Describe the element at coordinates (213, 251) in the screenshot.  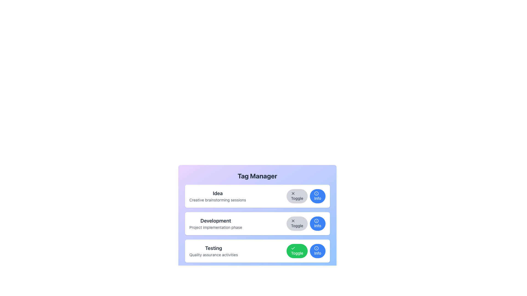
I see `text from the section containing the heading 'Testing' and the description 'Quality assurance activities', which is located in the lower portion of the main content area, between the 'Development' section and the interaction area with buttons` at that location.